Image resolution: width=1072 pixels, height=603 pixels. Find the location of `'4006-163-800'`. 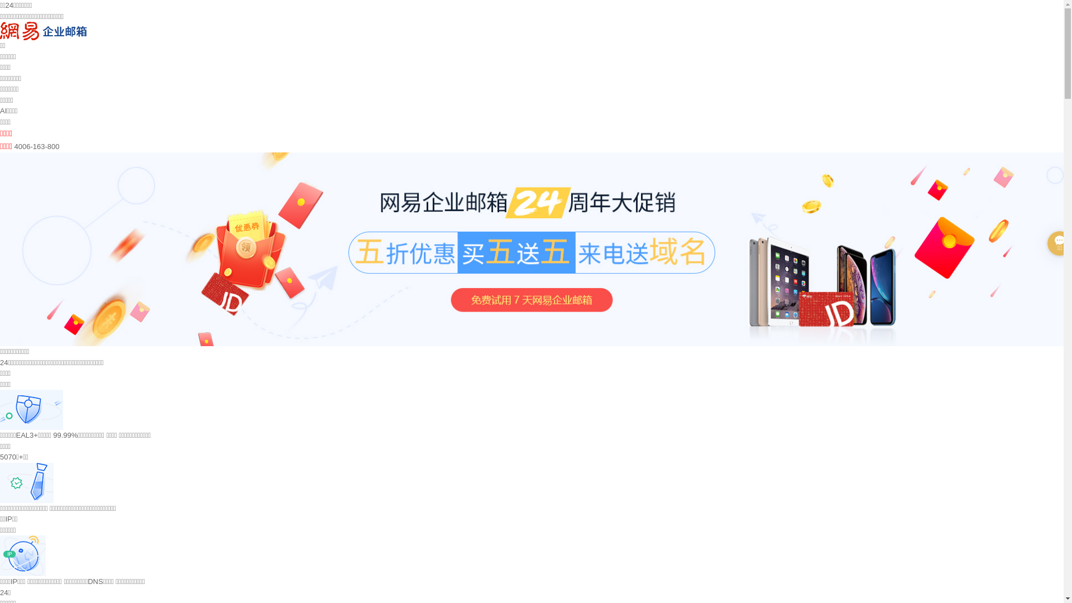

'4006-163-800' is located at coordinates (37, 145).